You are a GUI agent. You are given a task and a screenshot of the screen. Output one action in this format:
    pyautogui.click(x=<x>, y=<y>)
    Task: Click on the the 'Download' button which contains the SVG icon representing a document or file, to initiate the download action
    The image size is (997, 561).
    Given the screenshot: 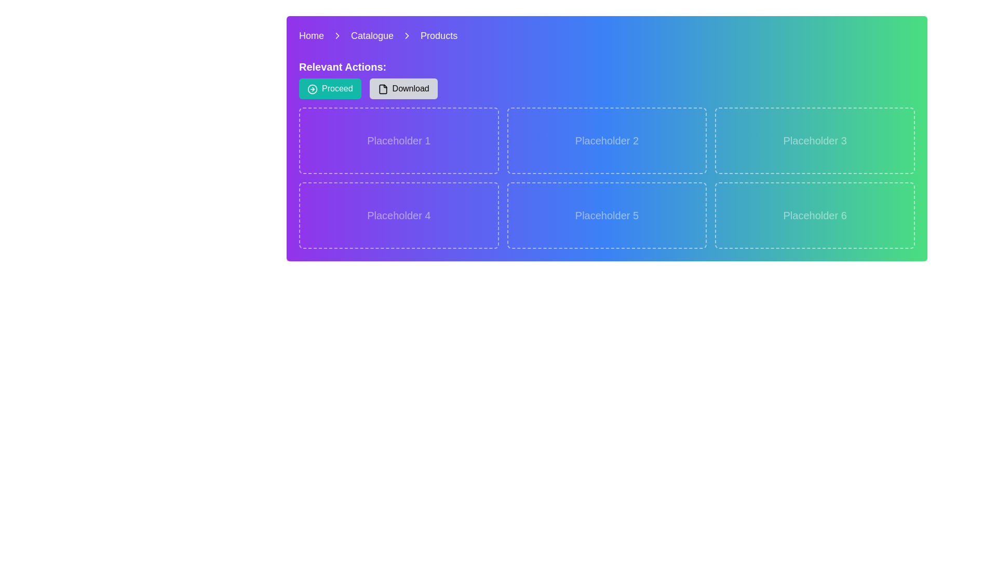 What is the action you would take?
    pyautogui.click(x=382, y=88)
    